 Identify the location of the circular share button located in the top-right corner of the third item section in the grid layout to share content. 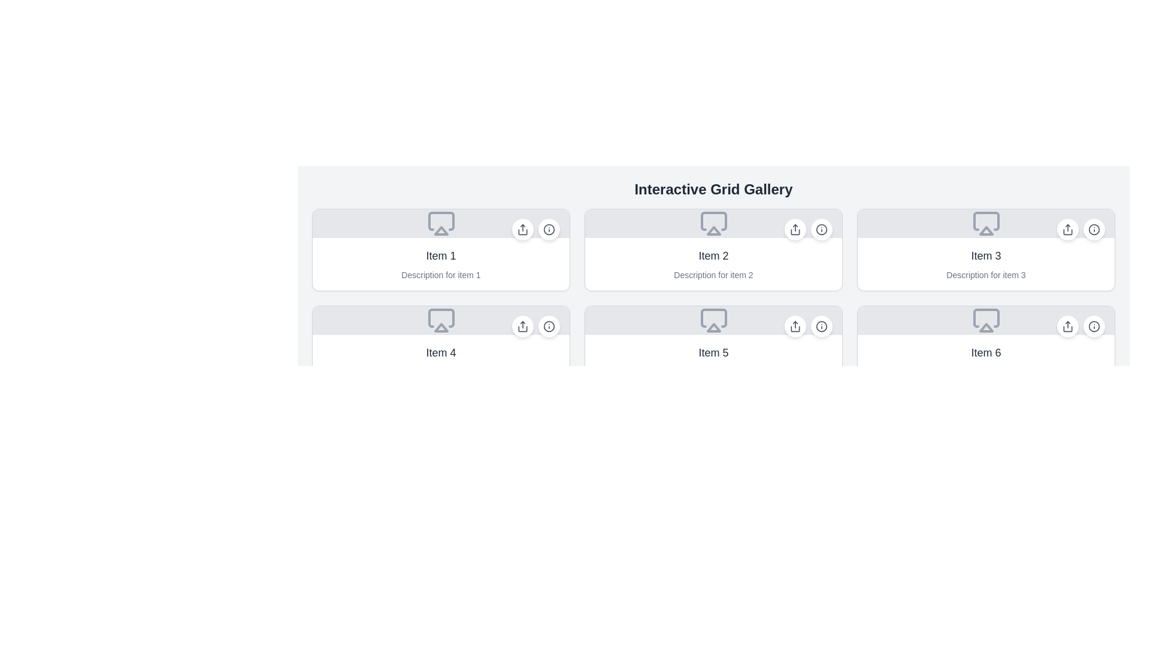
(1067, 230).